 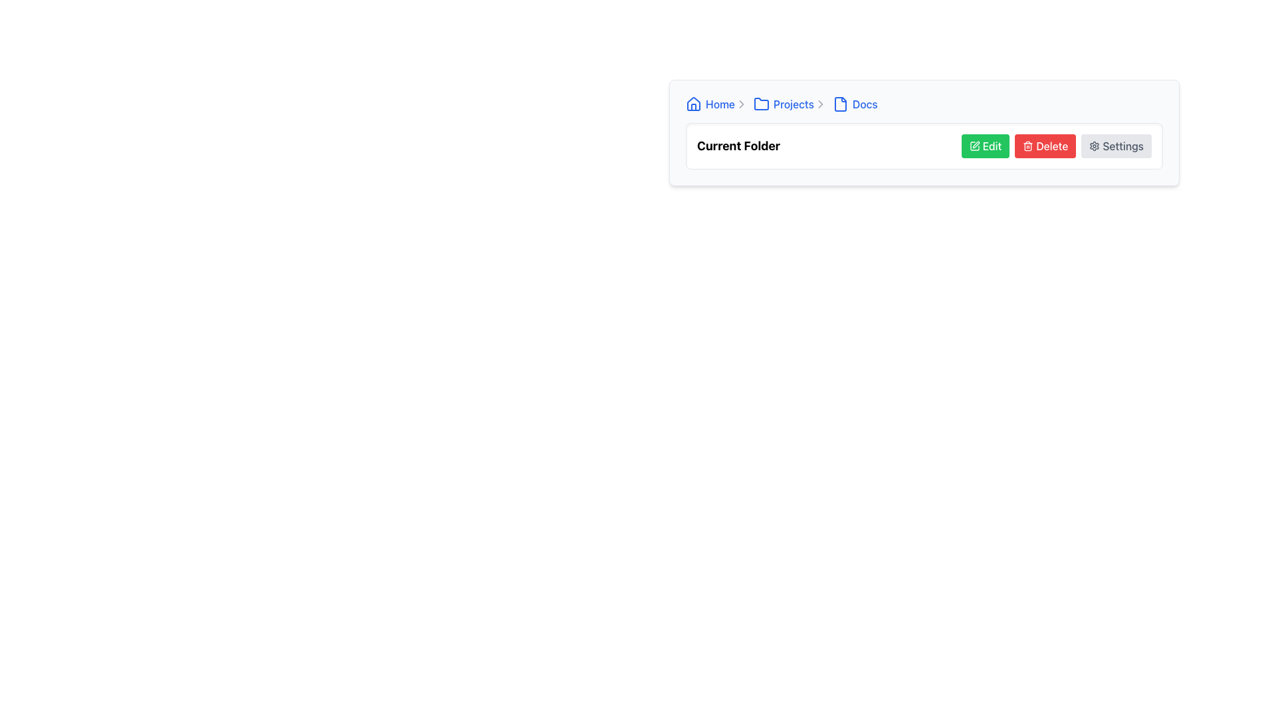 What do you see at coordinates (1045, 146) in the screenshot?
I see `the red 'Delete' button labeled with 'Delete' in white text, located between the 'Edit' and 'Settings' buttons on the right side of the toolbar` at bounding box center [1045, 146].